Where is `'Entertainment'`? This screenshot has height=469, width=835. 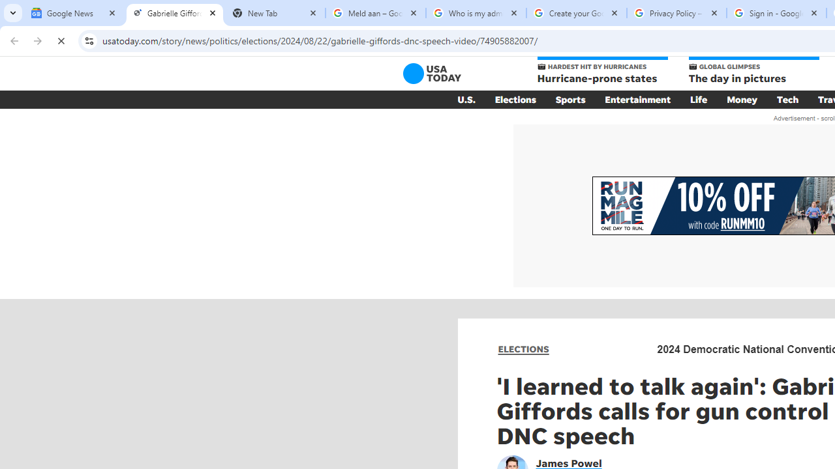 'Entertainment' is located at coordinates (637, 99).